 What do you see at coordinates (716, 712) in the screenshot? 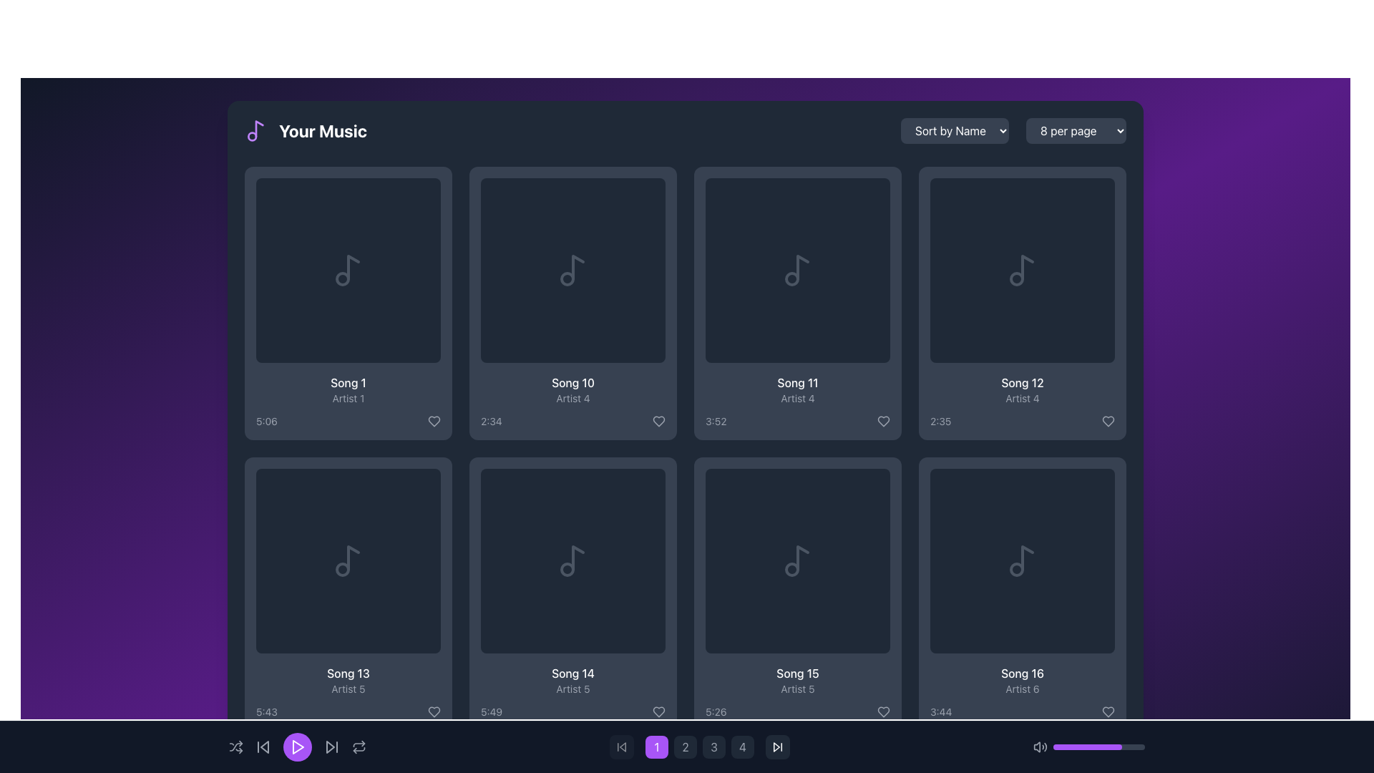
I see `the text label displaying the duration of the song 'Song 15', located in the bottom-right corner of the album item` at bounding box center [716, 712].